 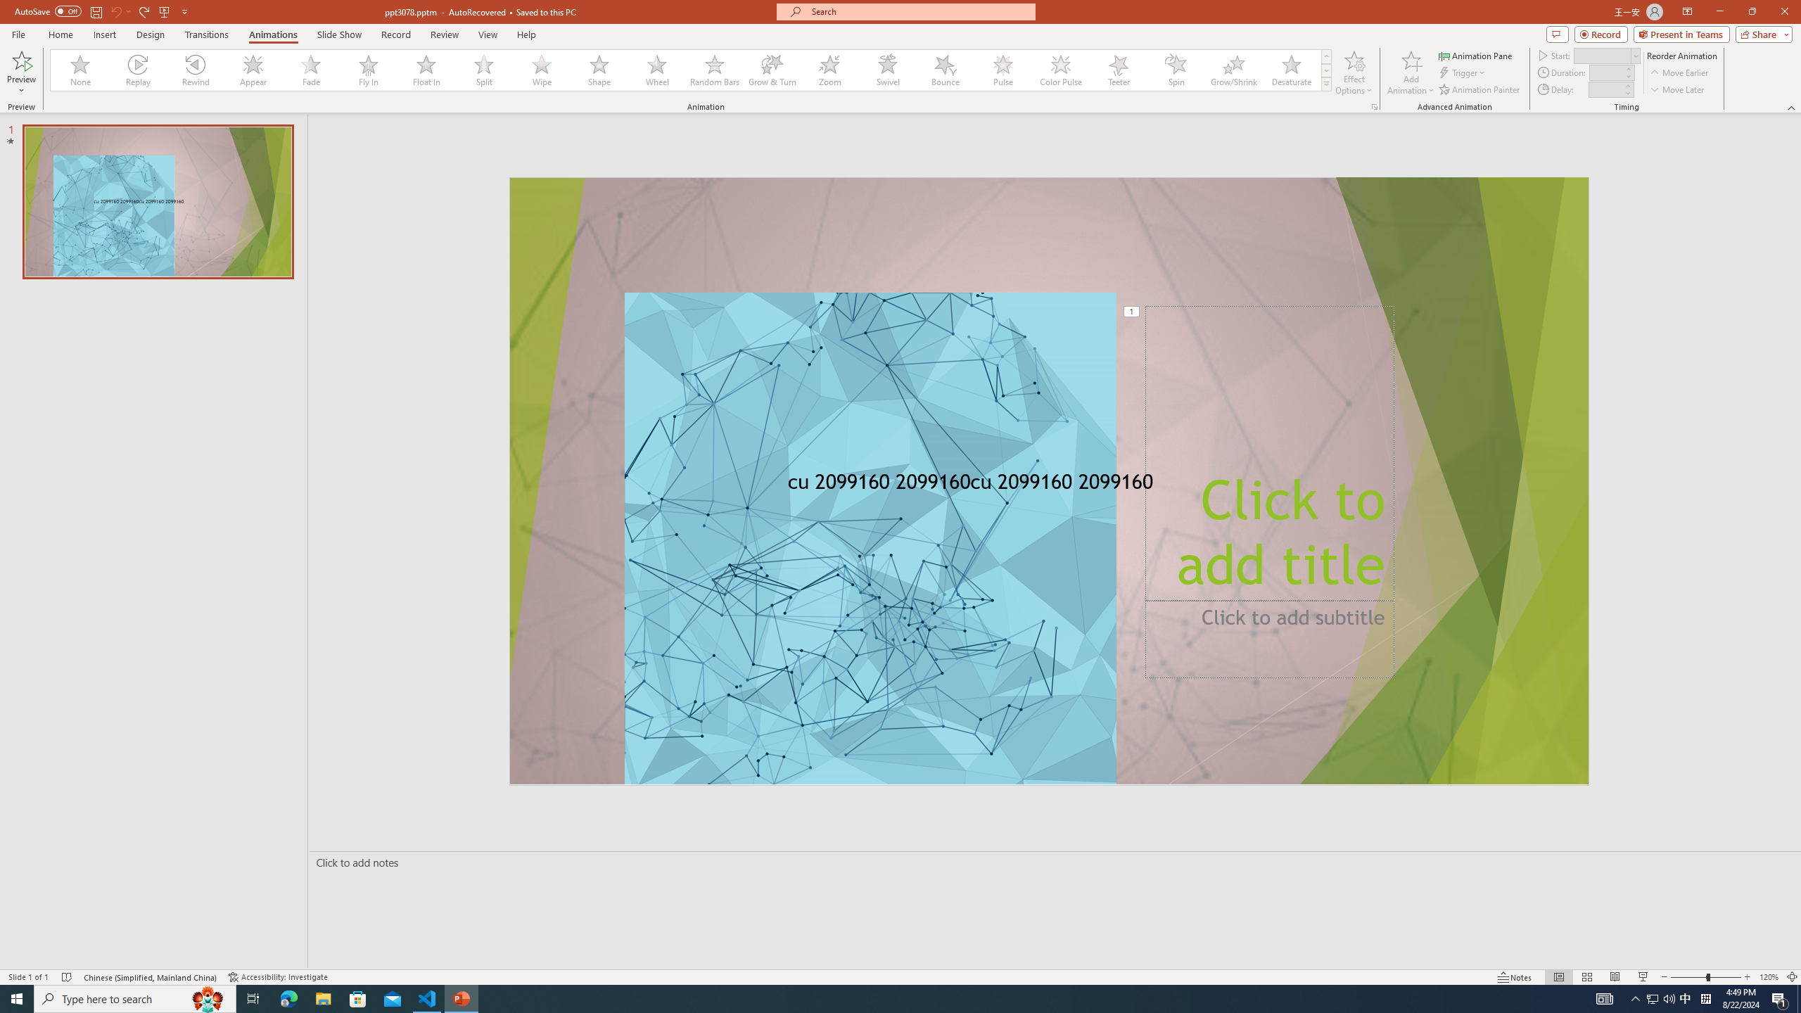 I want to click on 'Move Earlier', so click(x=1679, y=72).